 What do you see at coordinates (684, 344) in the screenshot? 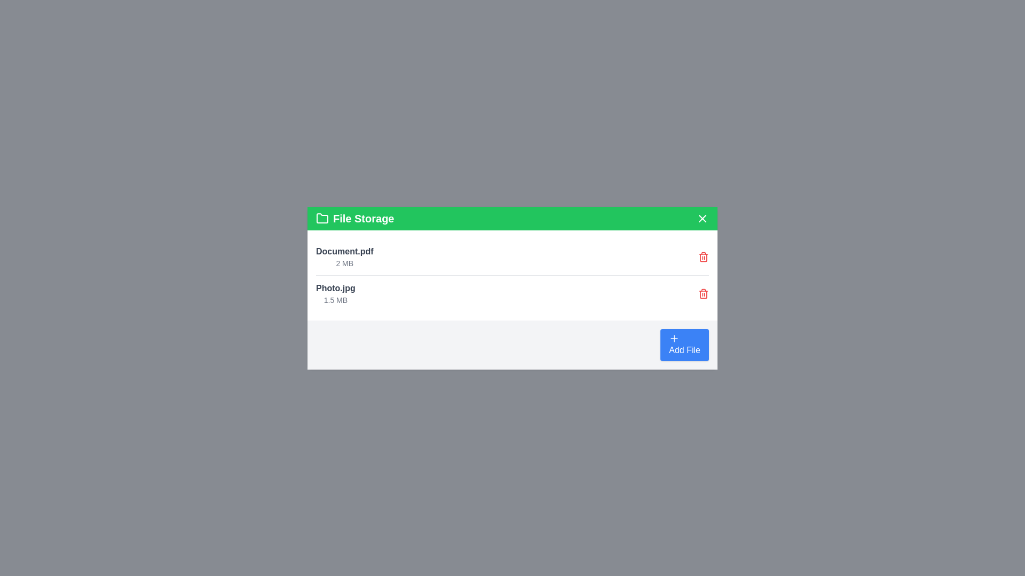
I see `the 'Add File' button to add a new file to the list` at bounding box center [684, 344].